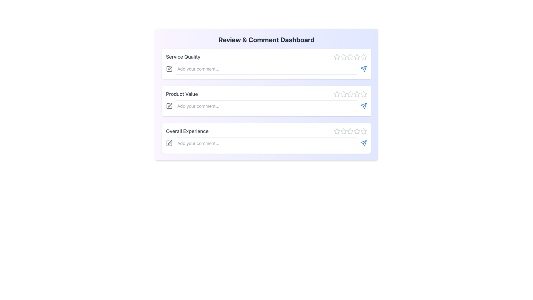 This screenshot has width=533, height=300. What do you see at coordinates (350, 94) in the screenshot?
I see `the third star icon` at bounding box center [350, 94].